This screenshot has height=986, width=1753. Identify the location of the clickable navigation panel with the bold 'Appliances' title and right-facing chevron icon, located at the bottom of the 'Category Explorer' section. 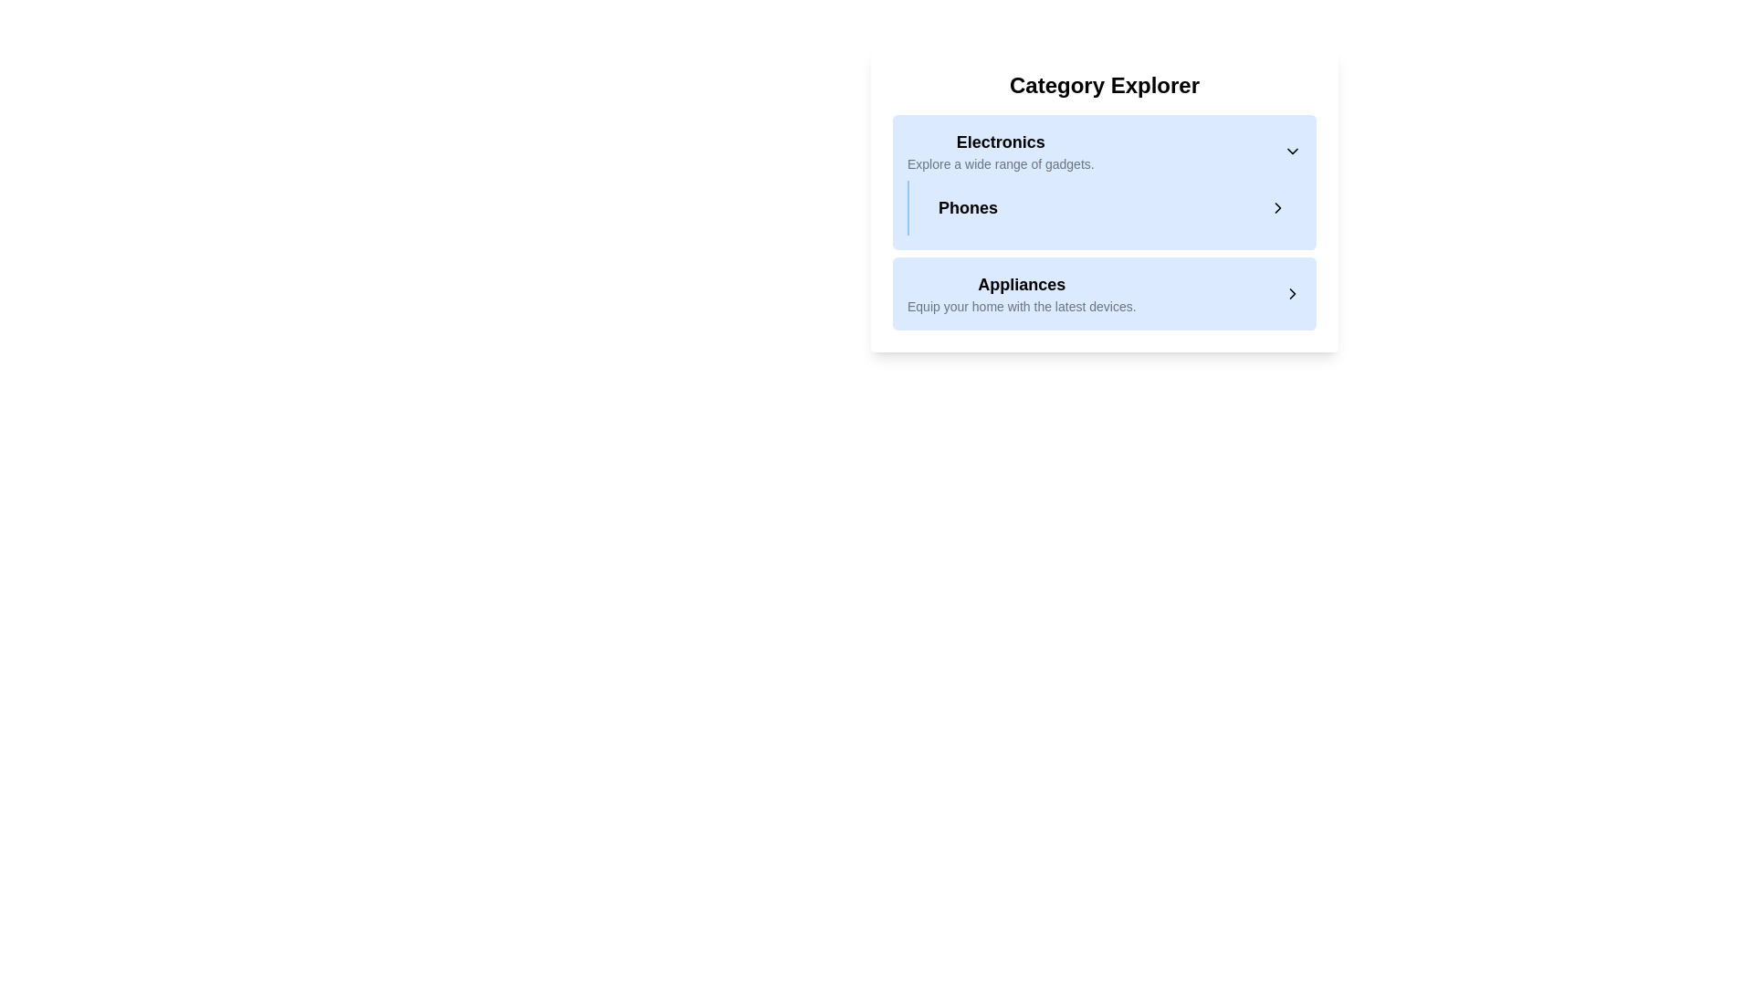
(1103, 292).